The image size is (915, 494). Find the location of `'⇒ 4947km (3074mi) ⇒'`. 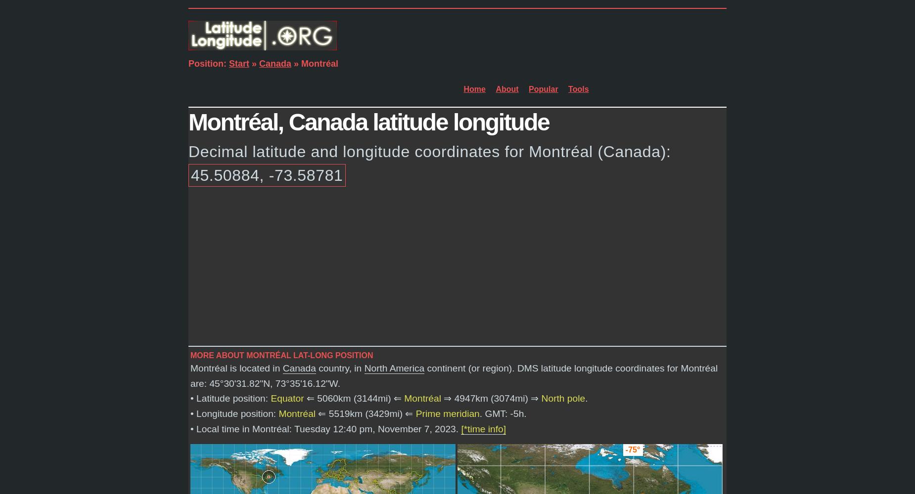

'⇒ 4947km (3074mi) ⇒' is located at coordinates (490, 398).